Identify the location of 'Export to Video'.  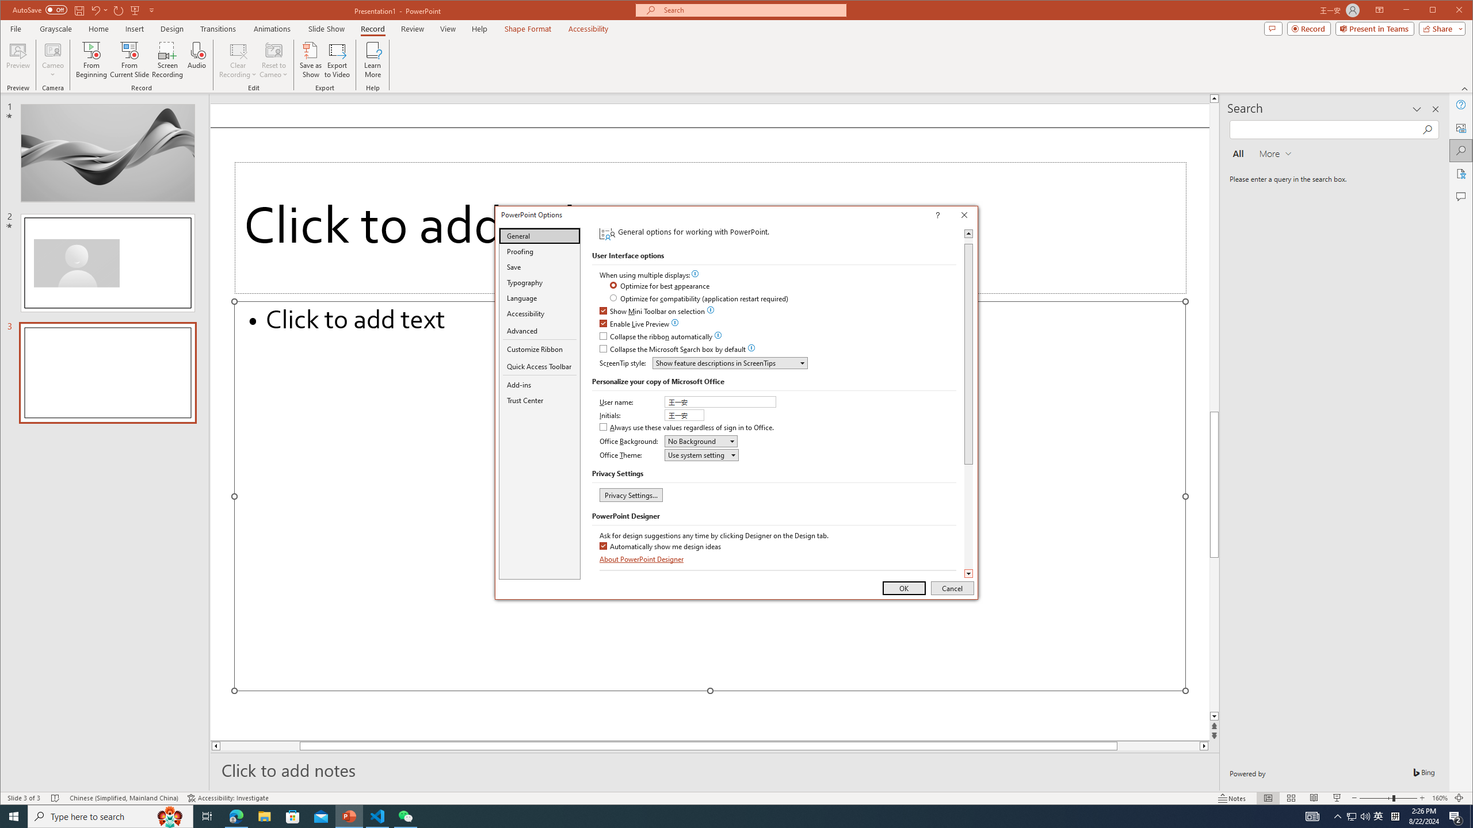
(338, 59).